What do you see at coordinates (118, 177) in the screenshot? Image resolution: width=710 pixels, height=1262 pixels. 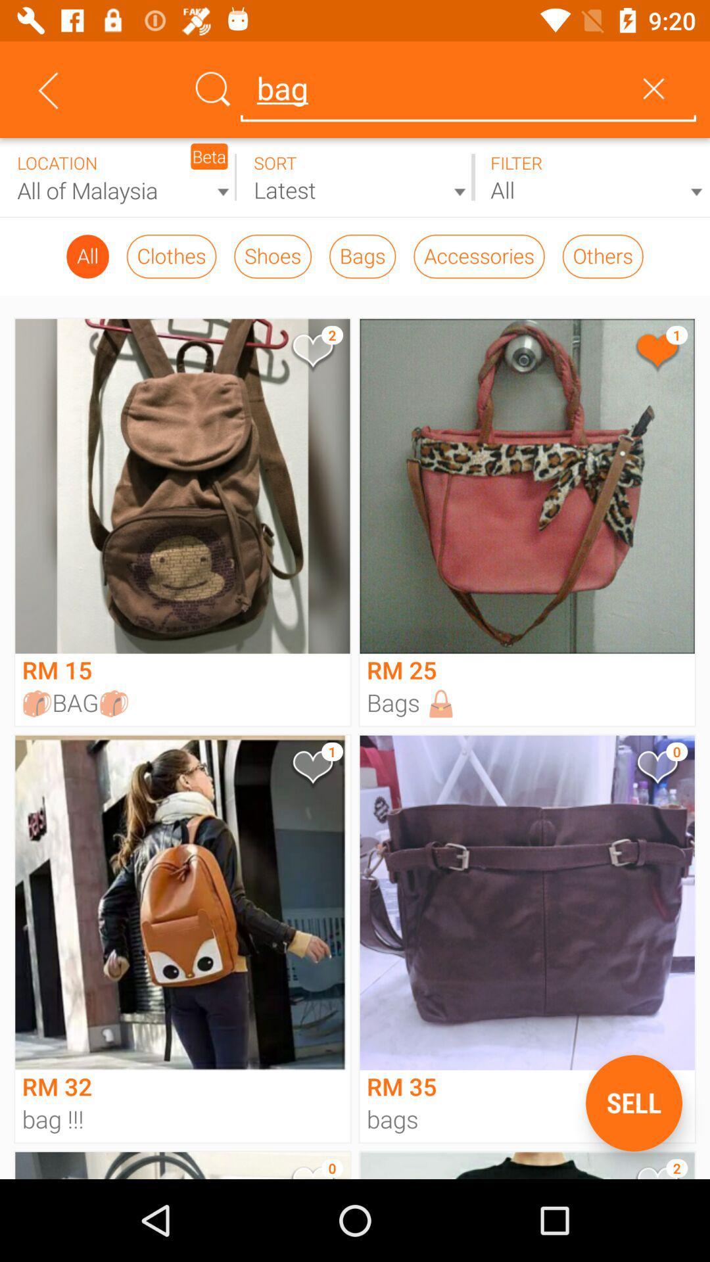 I see `limit search results by location` at bounding box center [118, 177].